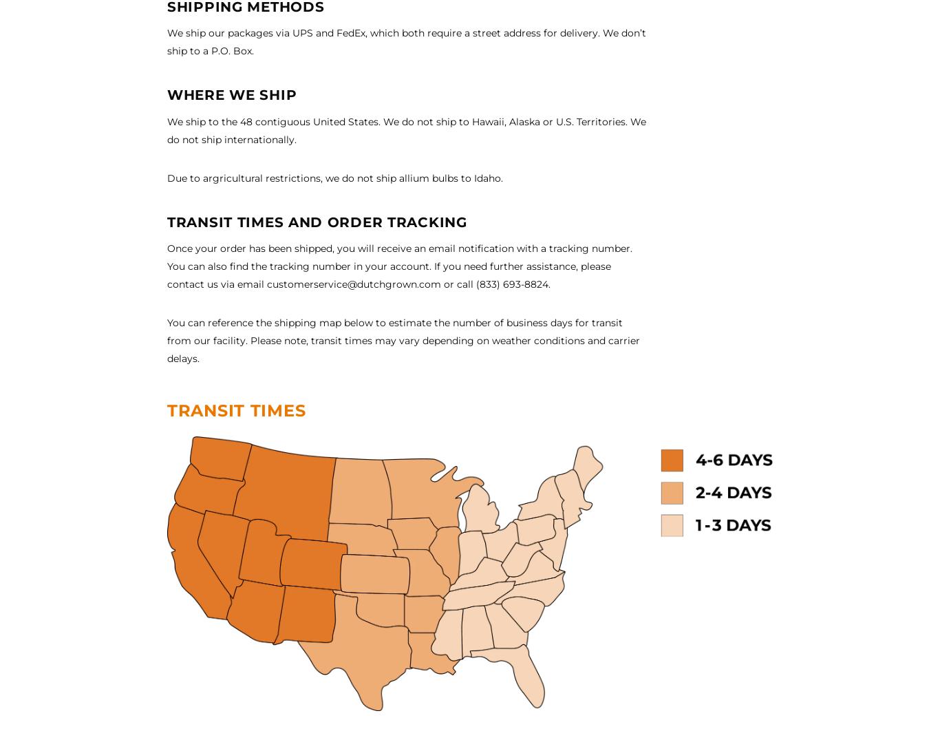  Describe the element at coordinates (406, 120) in the screenshot. I see `'We ship to the 48 contiguous United States. We do not ship to Hawaii, Alaska or U.S. Territories. We'` at that location.